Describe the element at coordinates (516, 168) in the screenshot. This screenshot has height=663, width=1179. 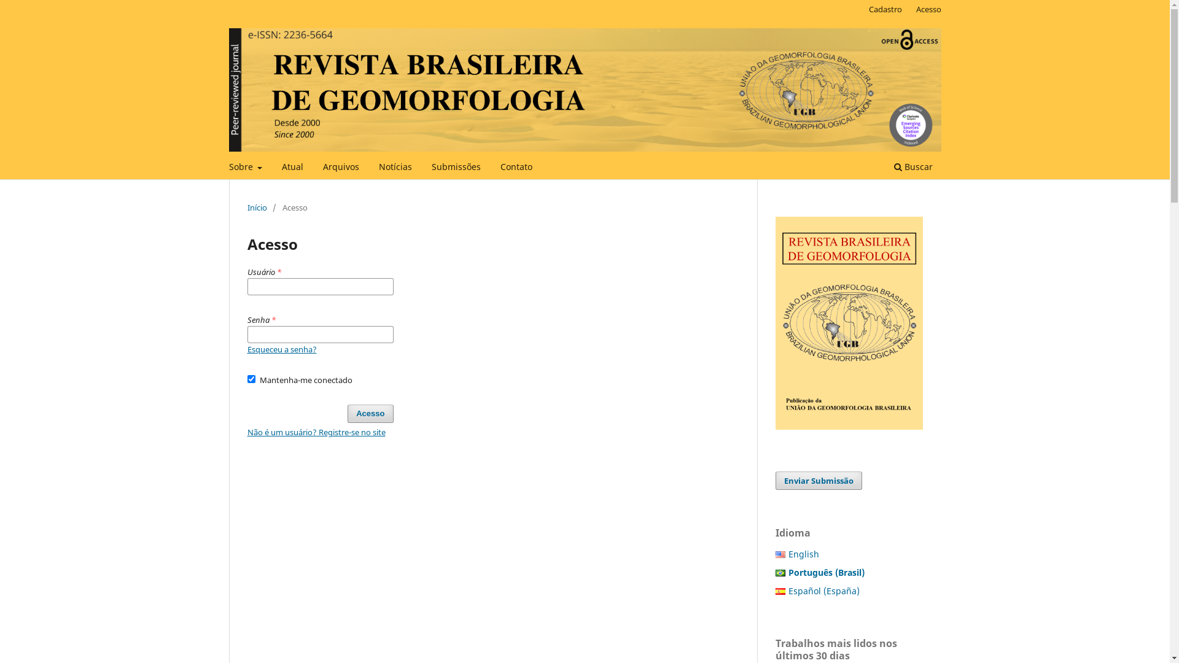
I see `'Contato'` at that location.